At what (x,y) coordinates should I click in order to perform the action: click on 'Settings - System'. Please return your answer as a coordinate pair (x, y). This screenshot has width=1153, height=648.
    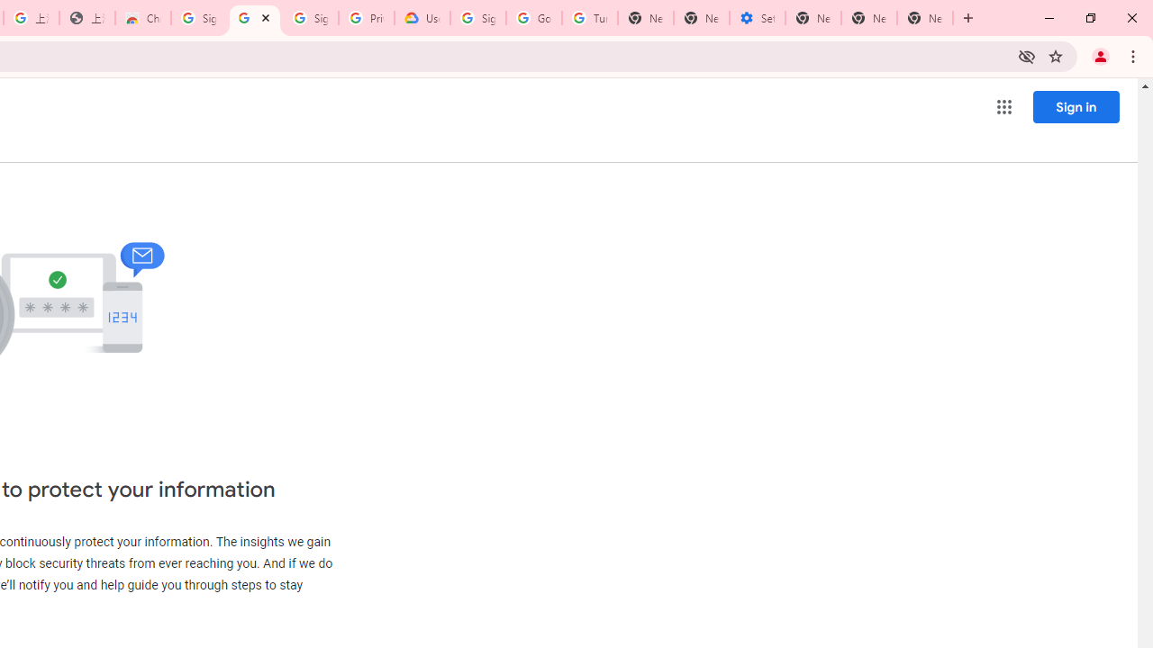
    Looking at the image, I should click on (757, 18).